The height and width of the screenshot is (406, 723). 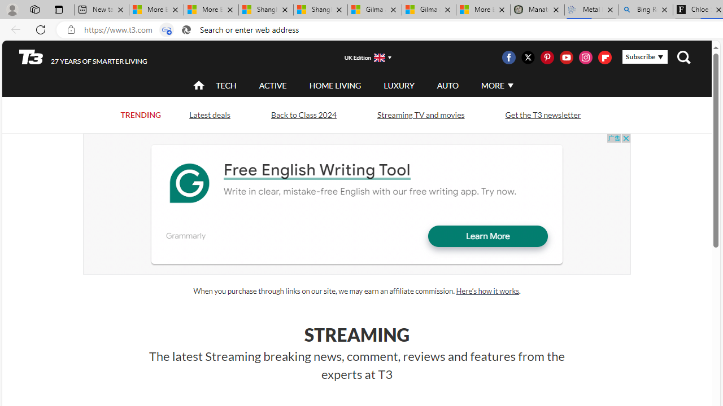 I want to click on 'Get the T3 newsletter', so click(x=543, y=115).